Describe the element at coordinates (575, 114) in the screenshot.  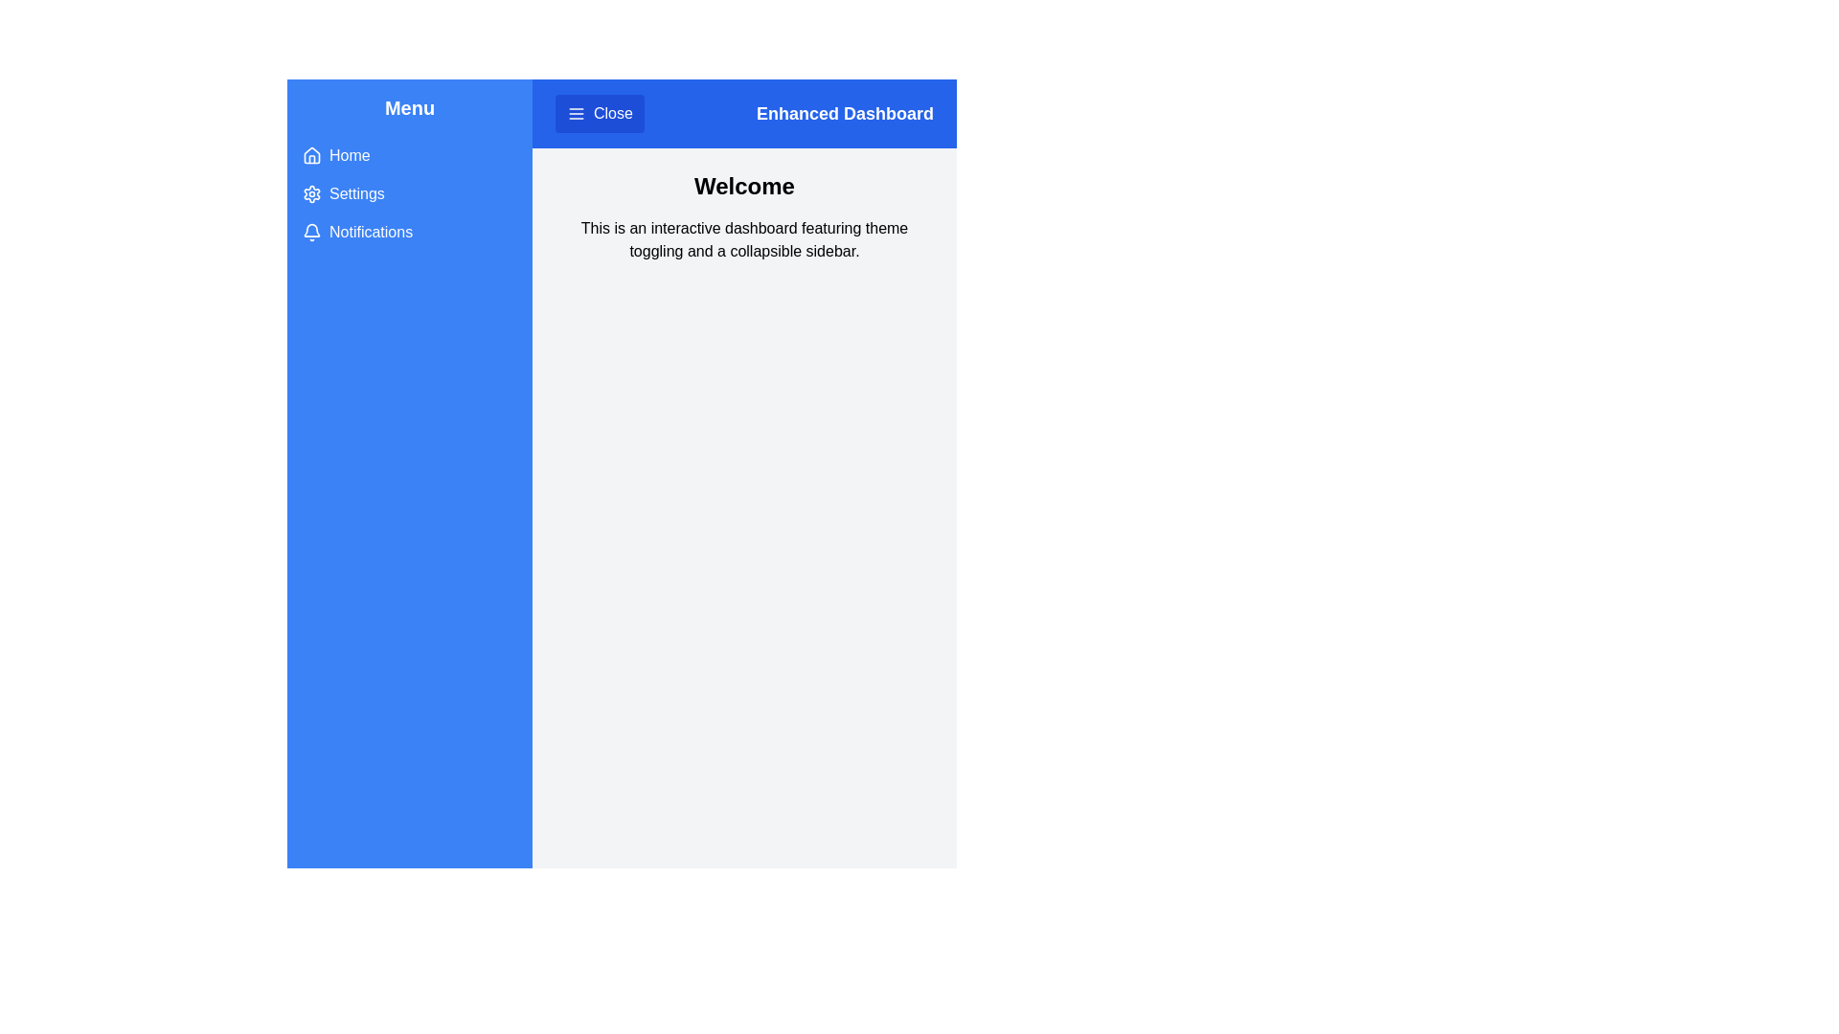
I see `the menu icon located immediately before the 'Close' text label in the top center of the interface` at that location.